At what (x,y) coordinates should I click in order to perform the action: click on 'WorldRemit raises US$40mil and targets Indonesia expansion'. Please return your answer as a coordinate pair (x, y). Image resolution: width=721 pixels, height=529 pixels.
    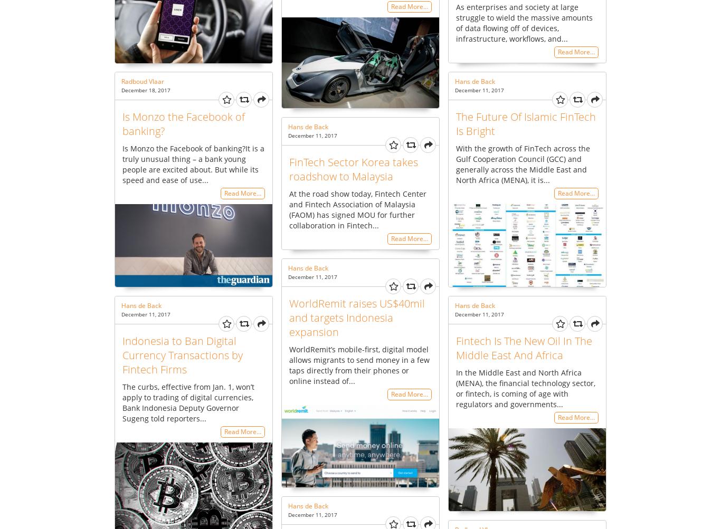
    Looking at the image, I should click on (356, 316).